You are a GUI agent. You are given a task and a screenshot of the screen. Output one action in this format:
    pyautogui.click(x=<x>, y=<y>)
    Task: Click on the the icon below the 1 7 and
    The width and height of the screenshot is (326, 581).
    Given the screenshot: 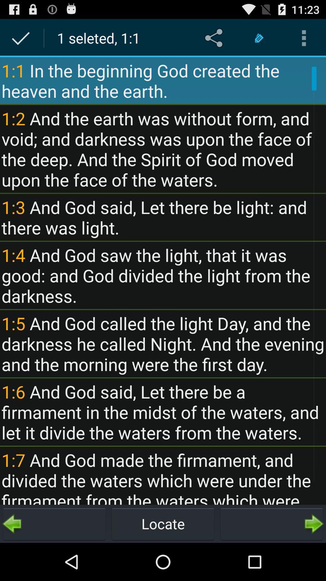 What is the action you would take?
    pyautogui.click(x=54, y=524)
    